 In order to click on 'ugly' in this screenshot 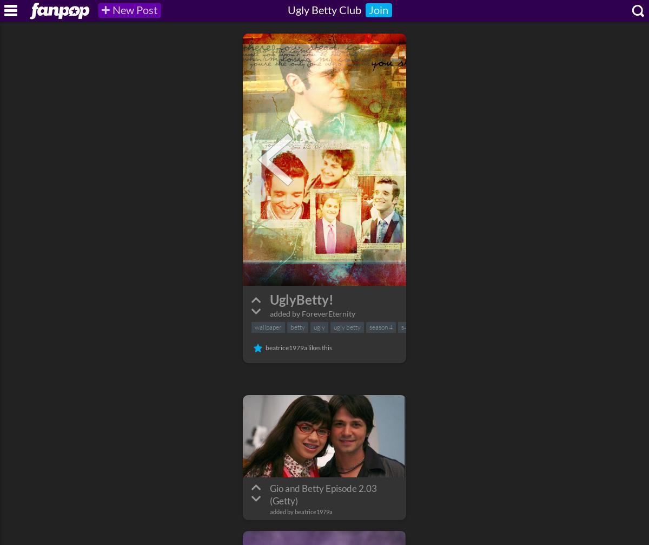, I will do `click(313, 326)`.